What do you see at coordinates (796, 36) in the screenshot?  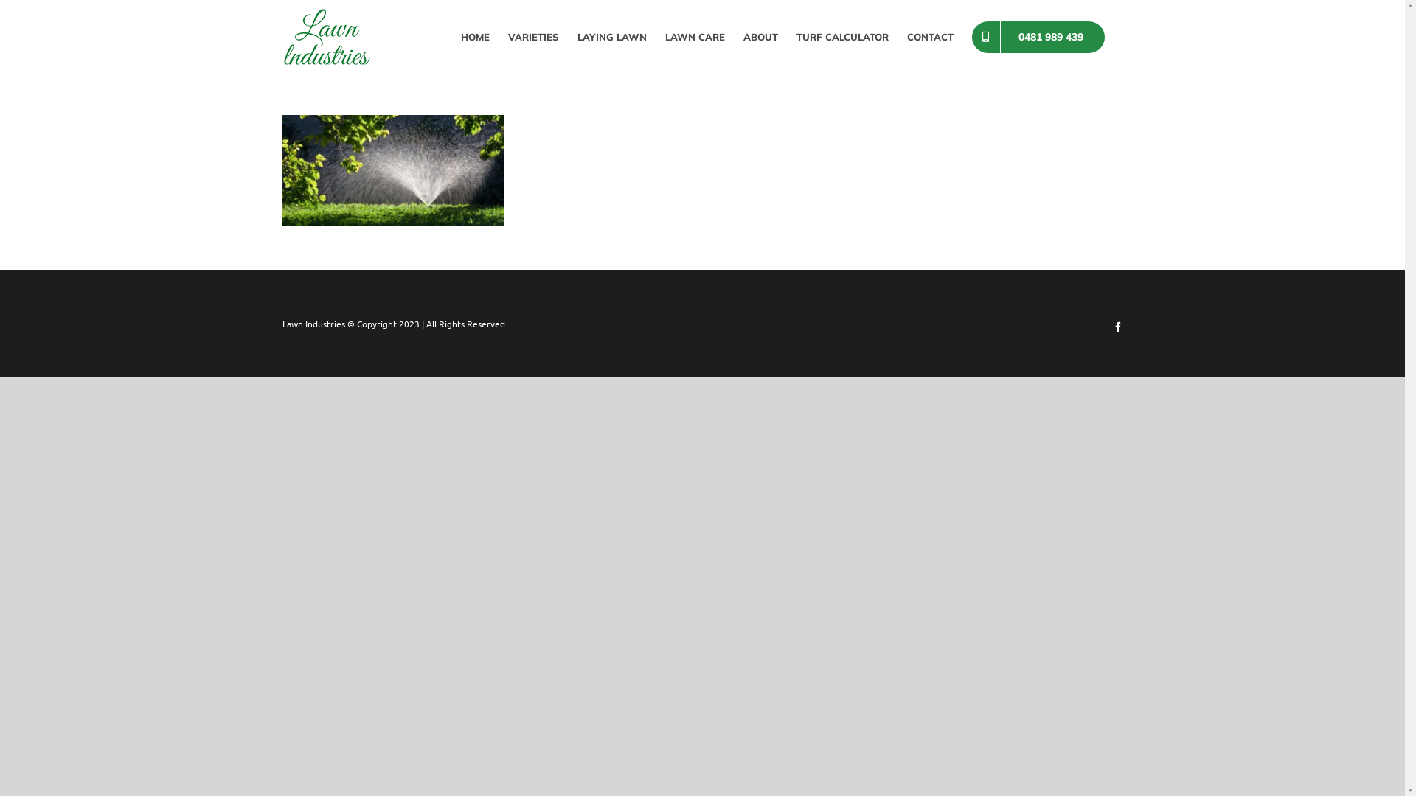 I see `'TURF CALCULATOR'` at bounding box center [796, 36].